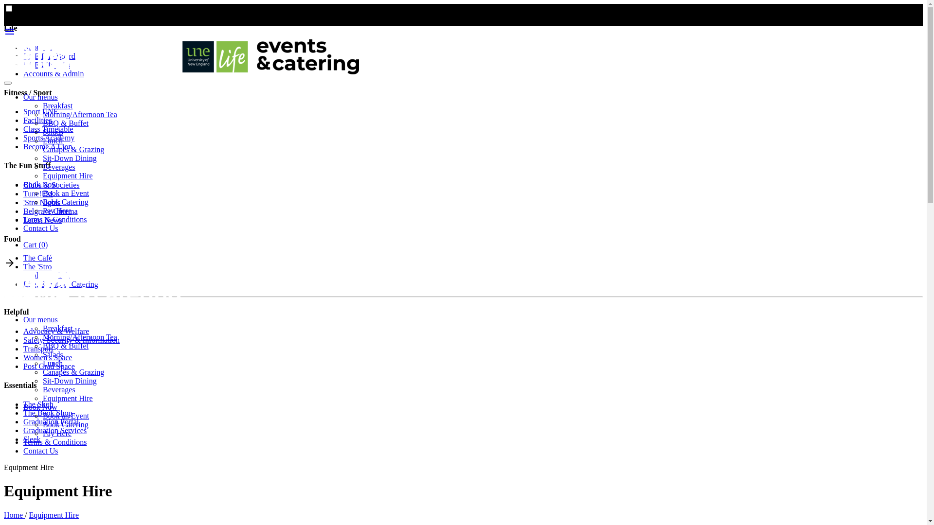  I want to click on 'The Shop', so click(38, 404).